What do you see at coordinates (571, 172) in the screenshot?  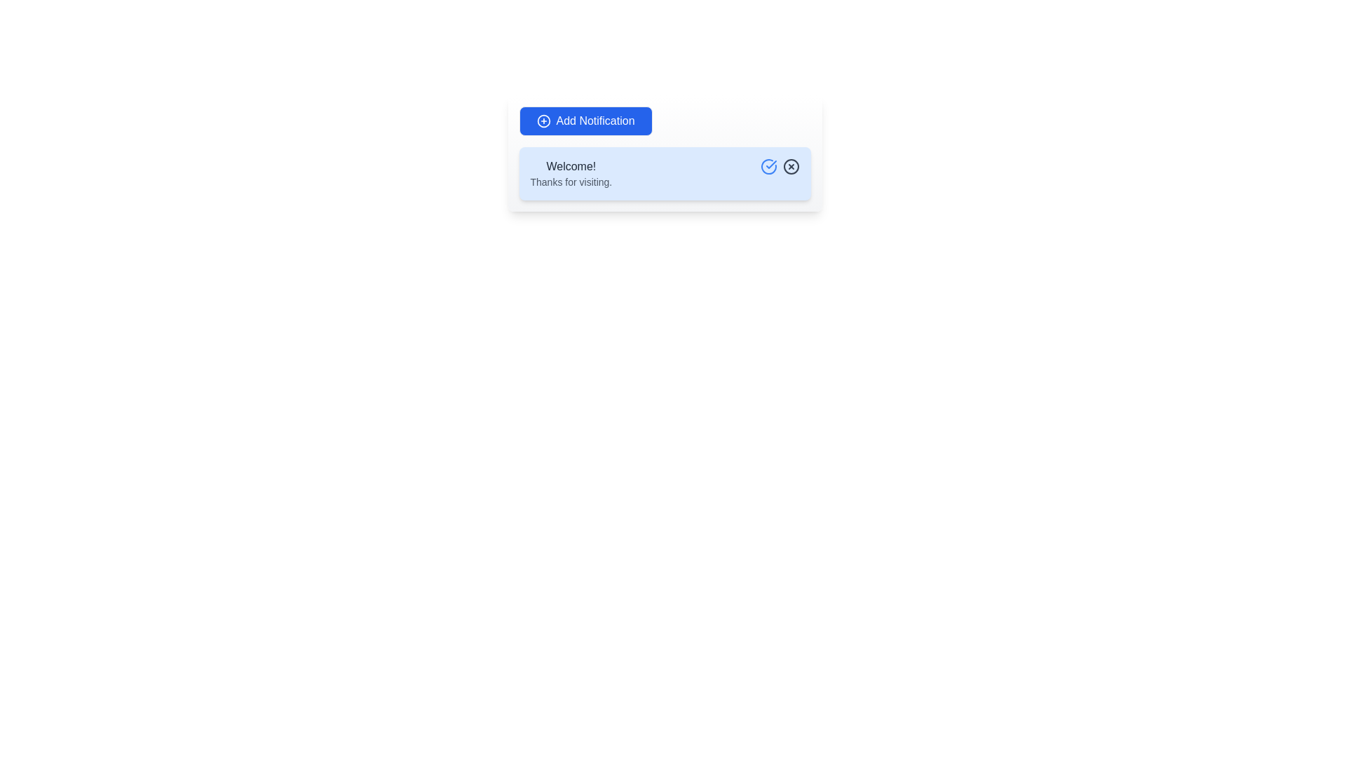 I see `the text block that contains 'Welcome!' in bold gray text and 'Thanks for visiting.' in smaller gray text, located inside a light-blue notification card` at bounding box center [571, 172].